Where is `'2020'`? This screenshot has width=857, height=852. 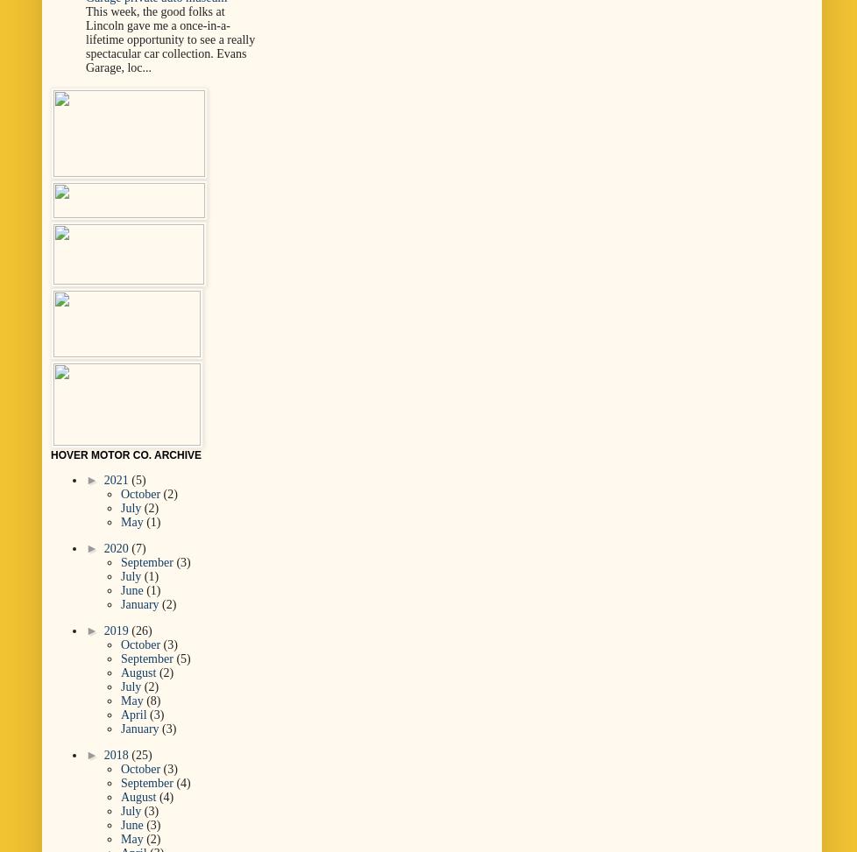
'2020' is located at coordinates (117, 547).